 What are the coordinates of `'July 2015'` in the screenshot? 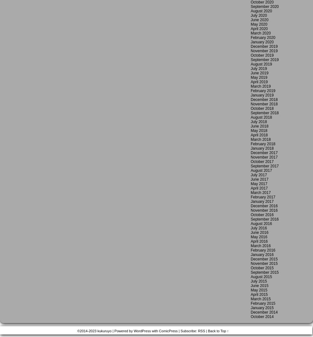 It's located at (258, 281).